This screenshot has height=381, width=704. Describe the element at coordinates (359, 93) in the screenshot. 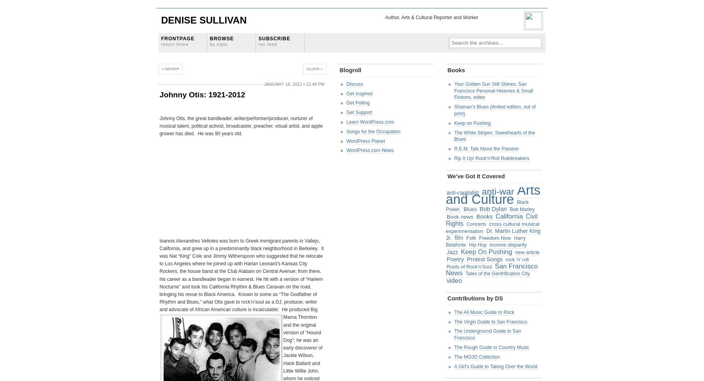

I see `'Get Inspired'` at that location.